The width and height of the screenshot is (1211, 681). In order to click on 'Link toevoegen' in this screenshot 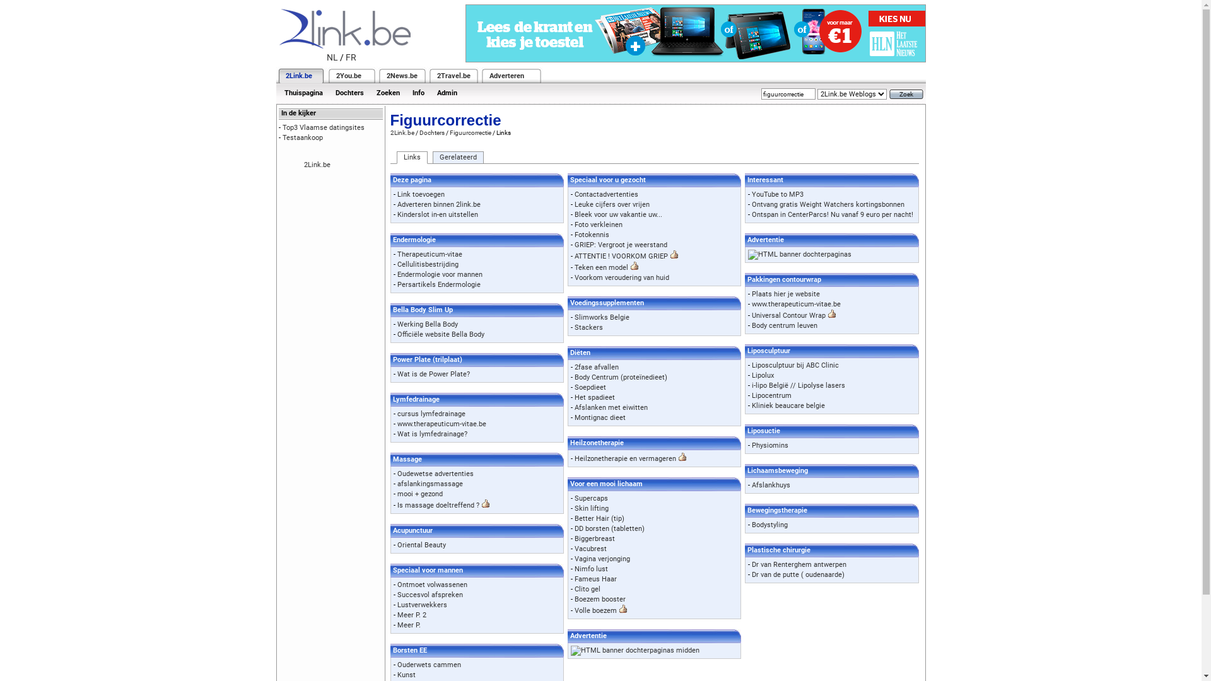, I will do `click(421, 194)`.